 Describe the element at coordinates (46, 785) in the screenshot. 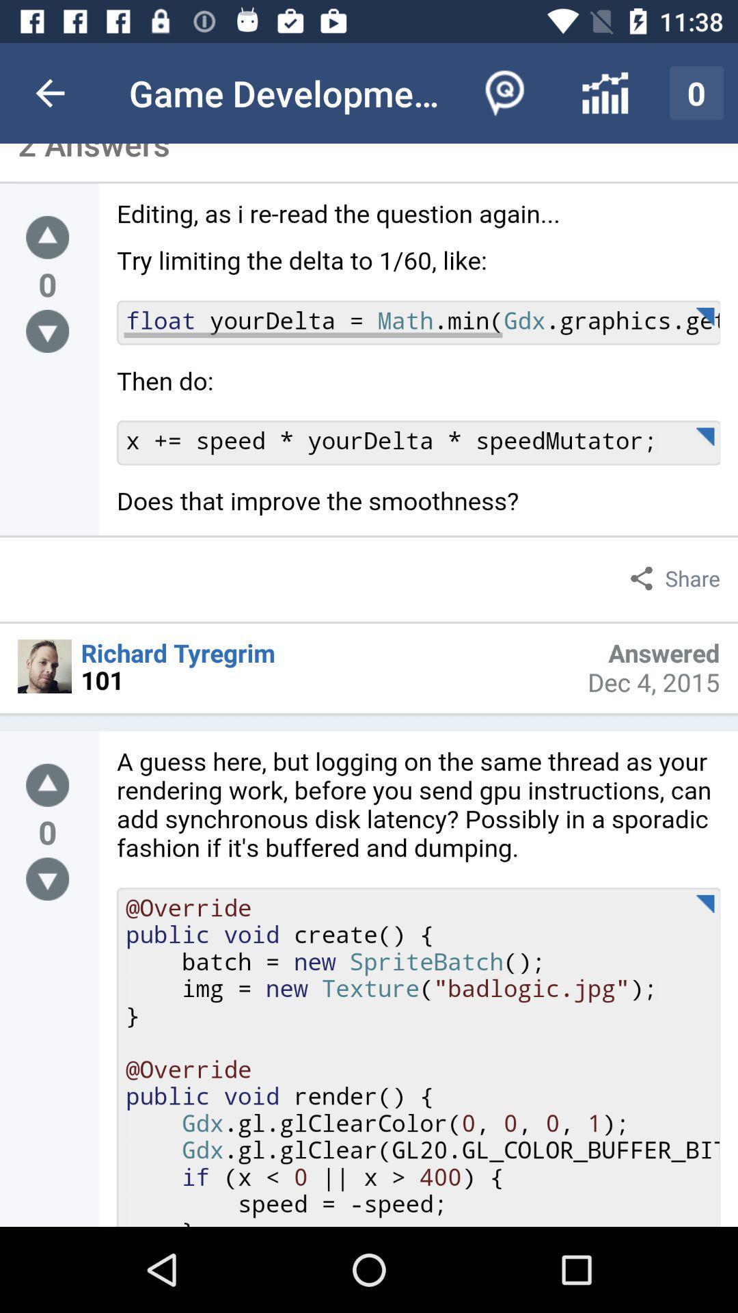

I see `go up` at that location.